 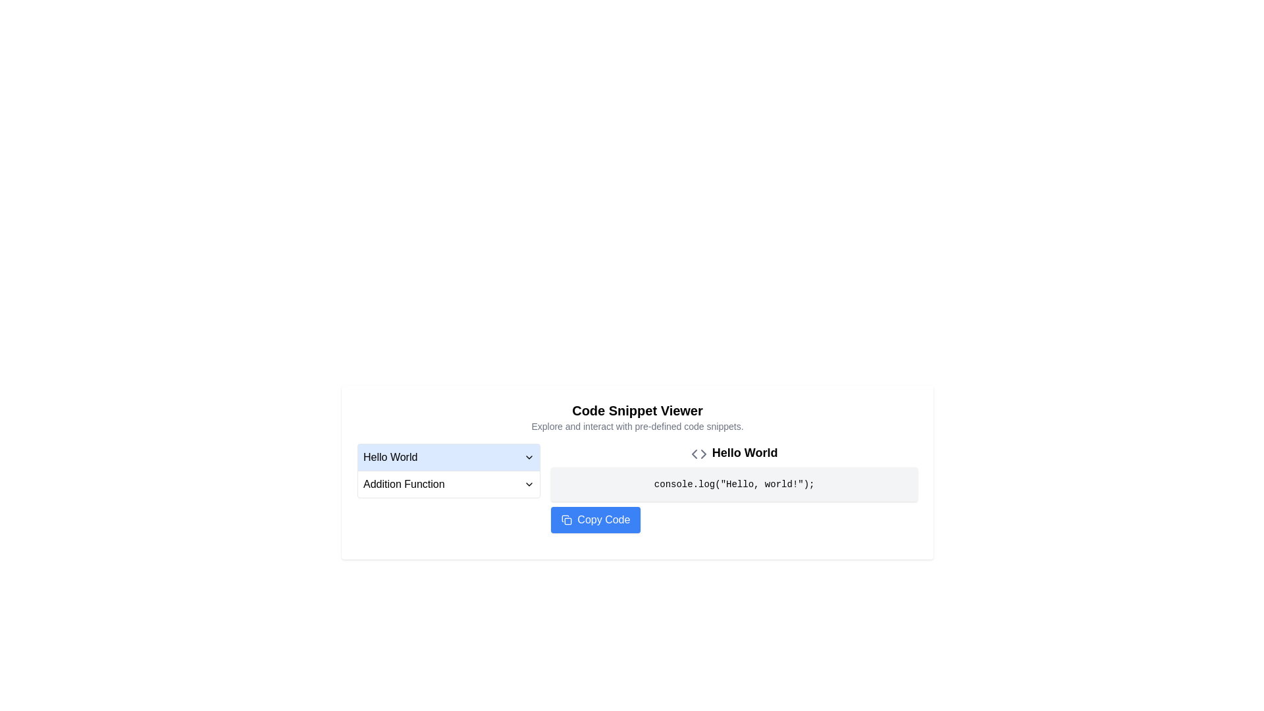 I want to click on the blue 'Copy Code' button with rounded corners located below the code block in the 'Code Snippet Viewer' section, so click(x=637, y=503).